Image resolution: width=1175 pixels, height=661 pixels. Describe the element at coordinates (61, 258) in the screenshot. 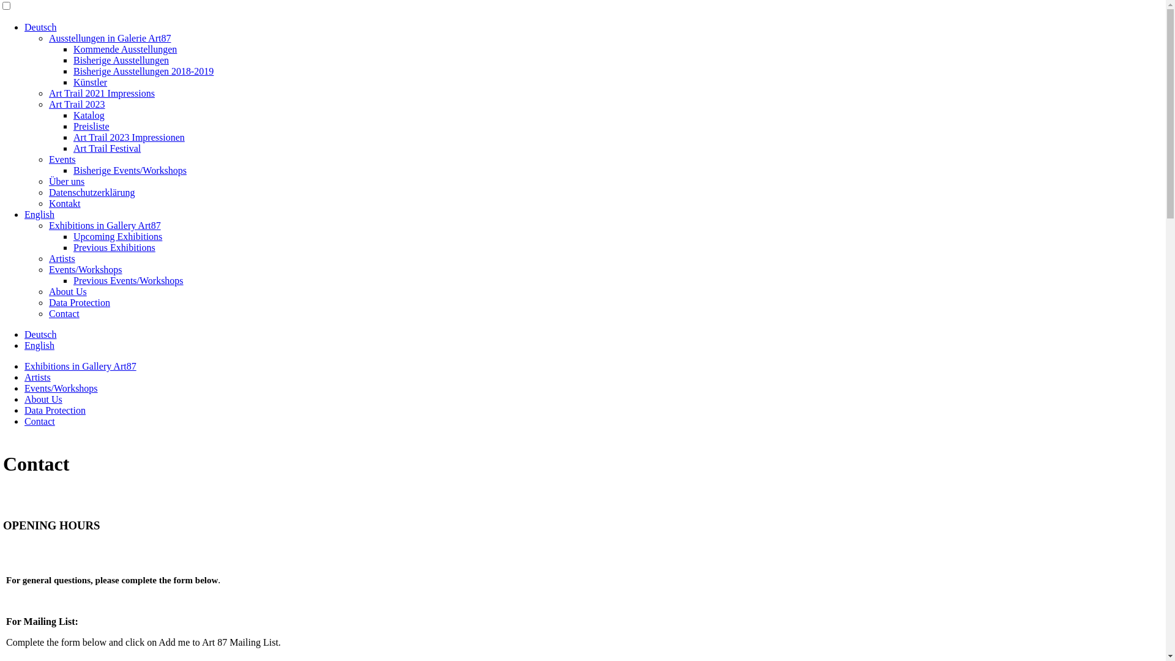

I see `'Artists'` at that location.